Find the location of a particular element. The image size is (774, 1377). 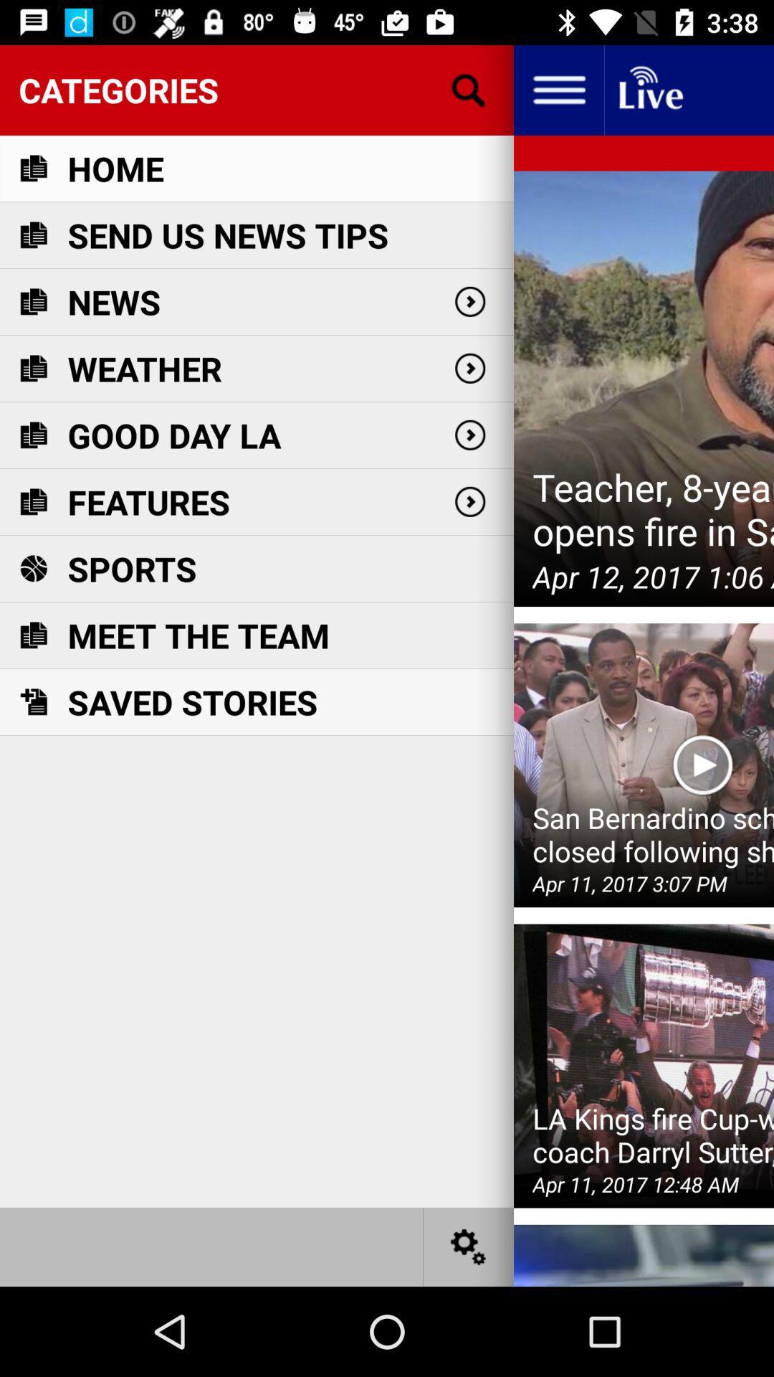

the settings icon is located at coordinates (469, 1246).